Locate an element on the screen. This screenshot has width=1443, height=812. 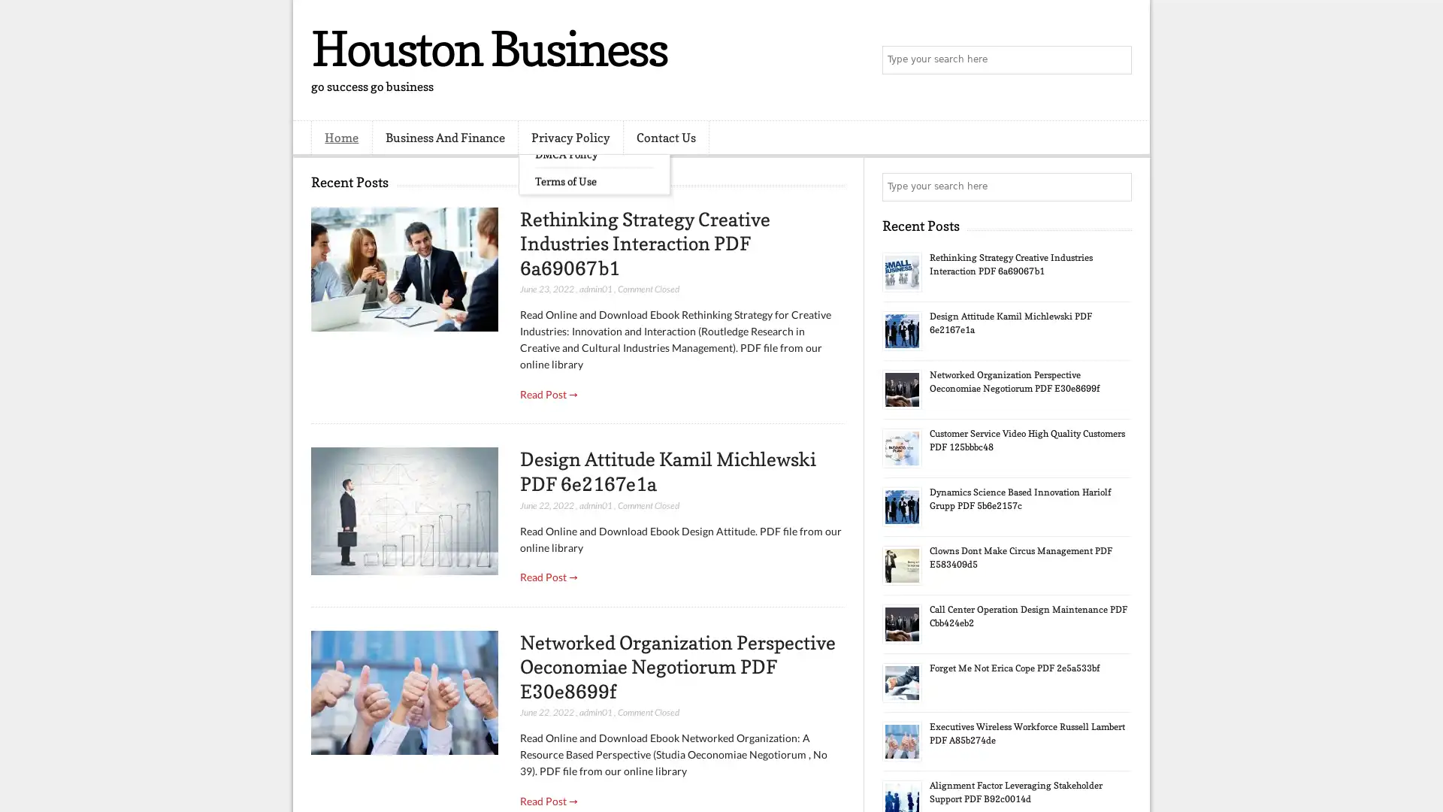
Search is located at coordinates (1116, 186).